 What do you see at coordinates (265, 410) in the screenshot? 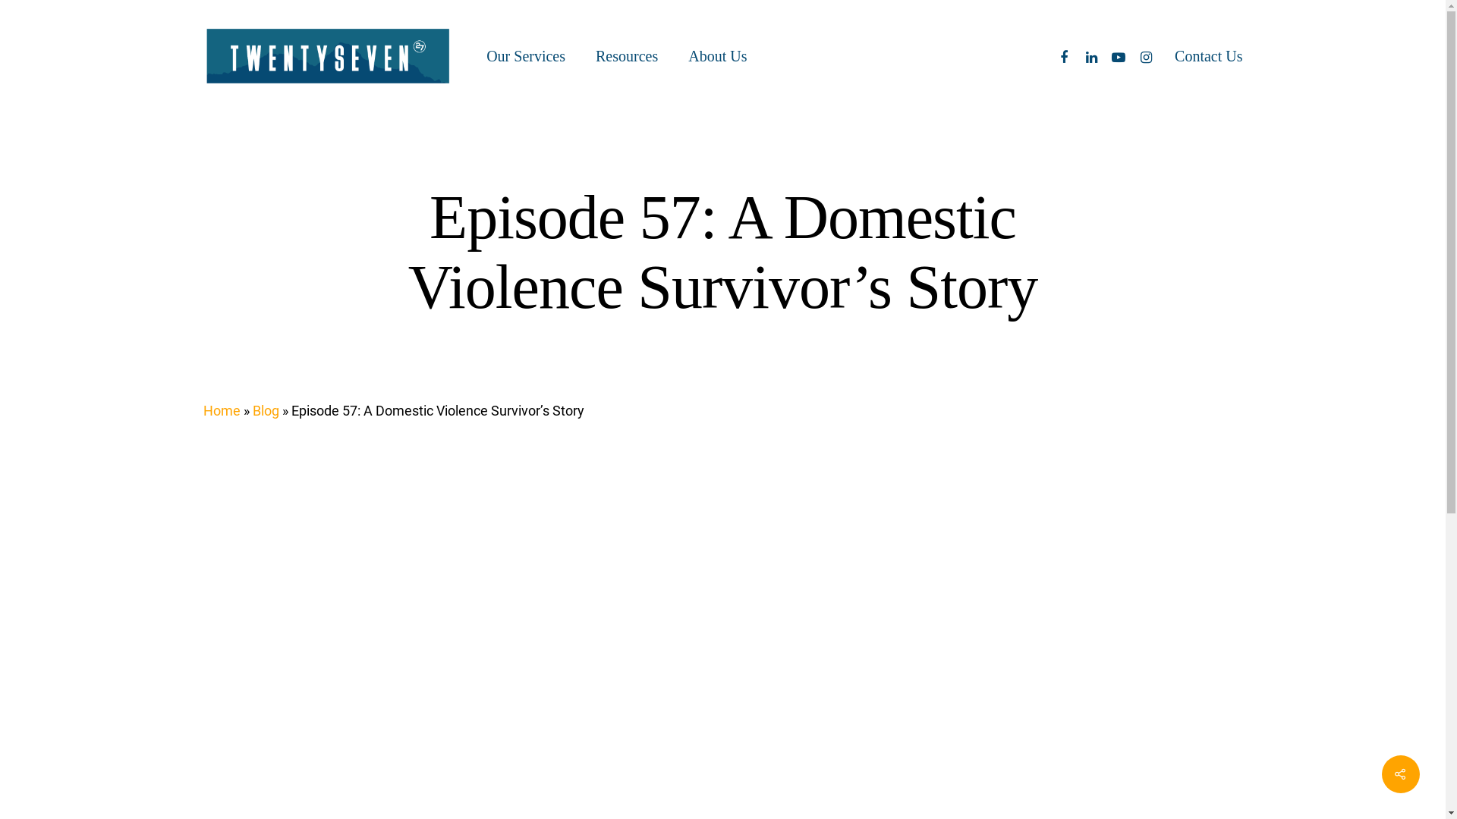
I see `'Blog'` at bounding box center [265, 410].